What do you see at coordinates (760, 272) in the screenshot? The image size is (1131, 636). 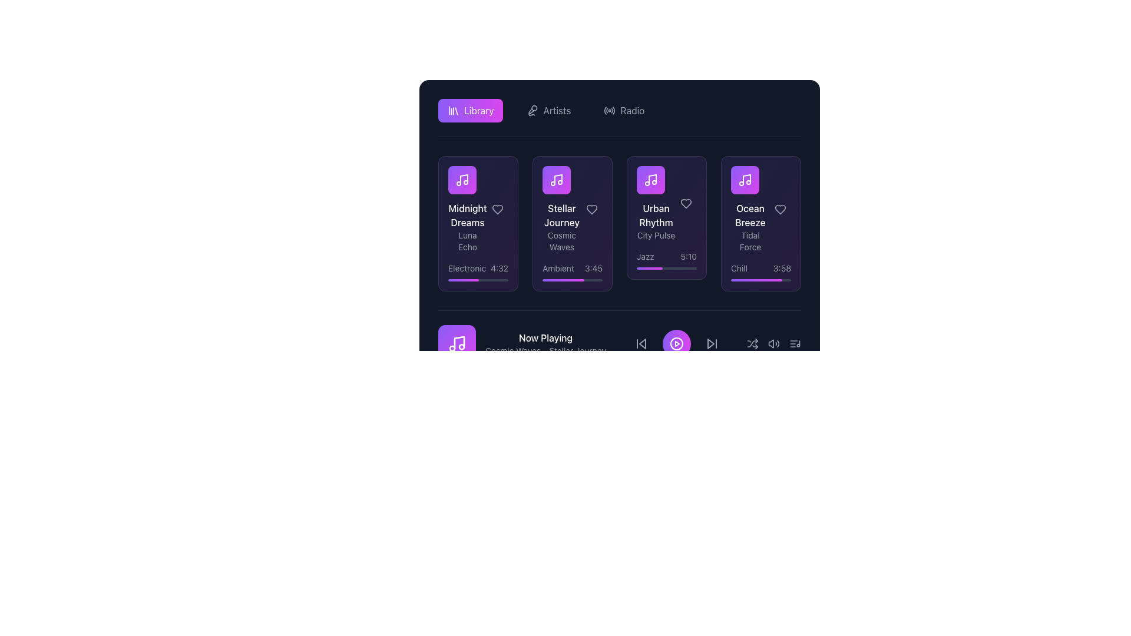 I see `the Progress bar displaying the title 'Chill' and duration '3:58' located at the bottom of the 'Ocean Breeze' card, beneath 'Tidal Force'` at bounding box center [760, 272].